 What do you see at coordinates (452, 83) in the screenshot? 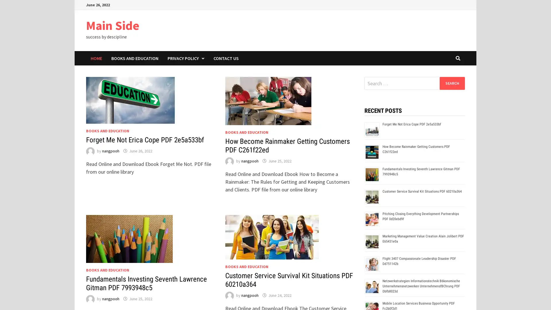
I see `Search` at bounding box center [452, 83].